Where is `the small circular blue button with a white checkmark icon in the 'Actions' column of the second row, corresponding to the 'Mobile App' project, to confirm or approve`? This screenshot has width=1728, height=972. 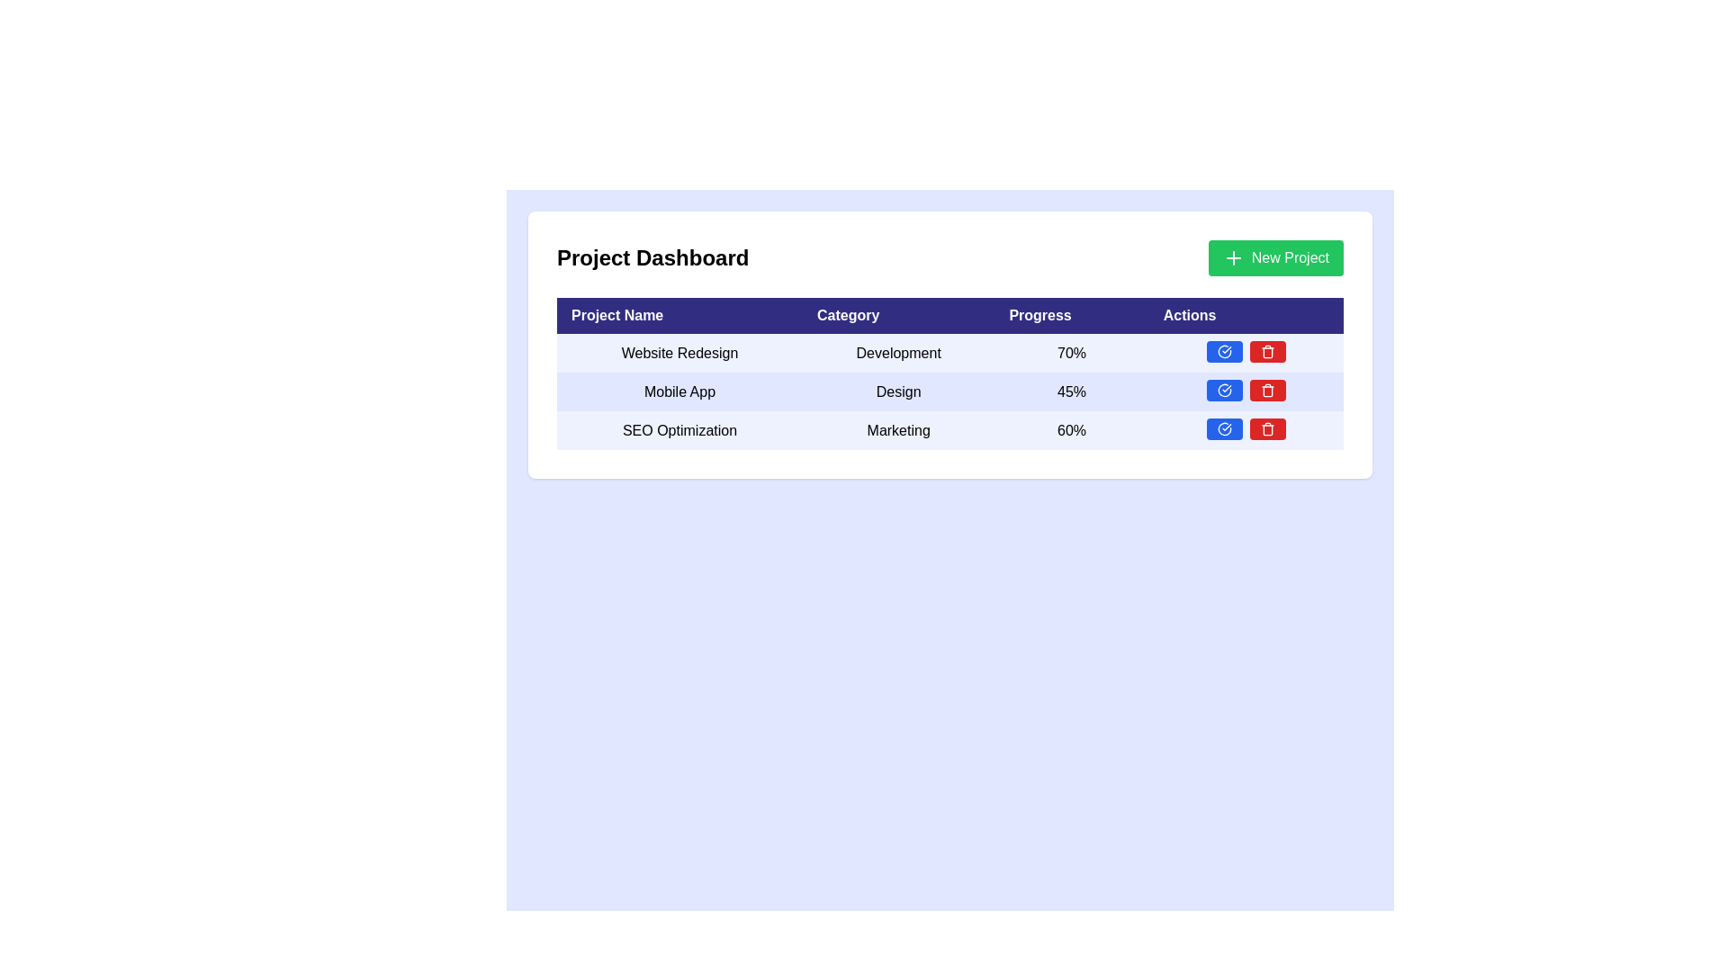 the small circular blue button with a white checkmark icon in the 'Actions' column of the second row, corresponding to the 'Mobile App' project, to confirm or approve is located at coordinates (1224, 390).